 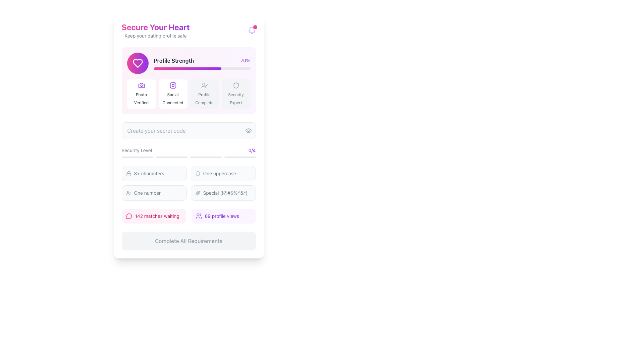 I want to click on the distinctive purple camera or social media icon located in the second box from the left within the 'Social Connected' section of the 'Profile Strength' widget, so click(x=173, y=85).